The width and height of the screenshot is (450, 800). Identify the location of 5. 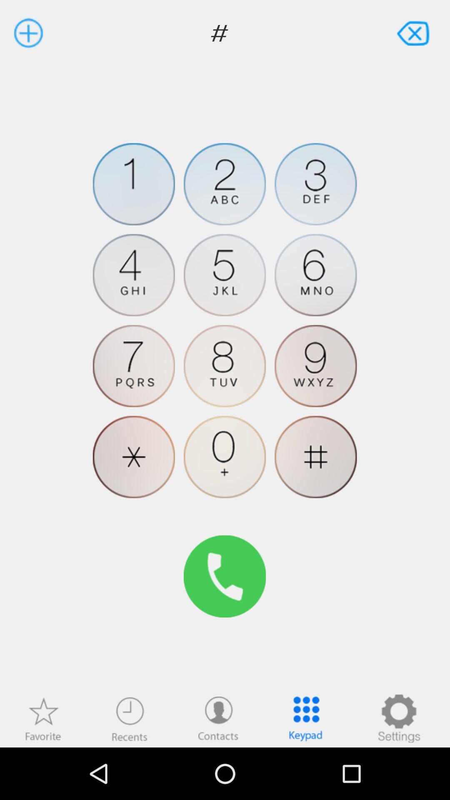
(224, 275).